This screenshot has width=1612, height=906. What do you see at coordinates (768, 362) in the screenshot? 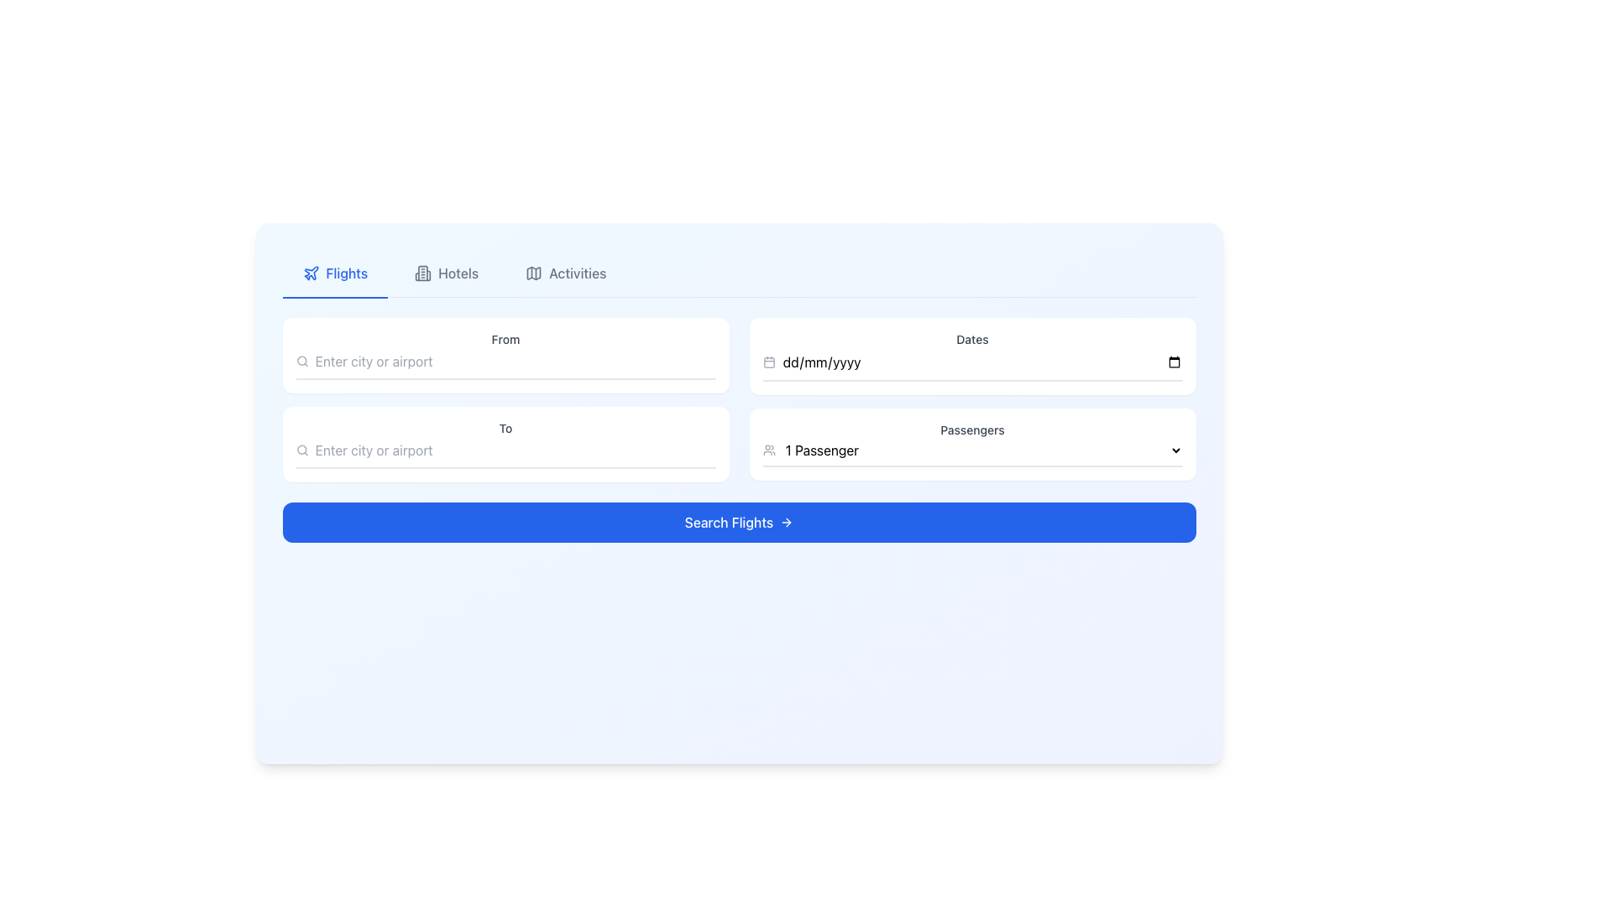
I see `the small rectangular gray icon located within the 'Dates' input field, adjacent to the text placeholder 'dd/mm/yyyy'` at bounding box center [768, 362].